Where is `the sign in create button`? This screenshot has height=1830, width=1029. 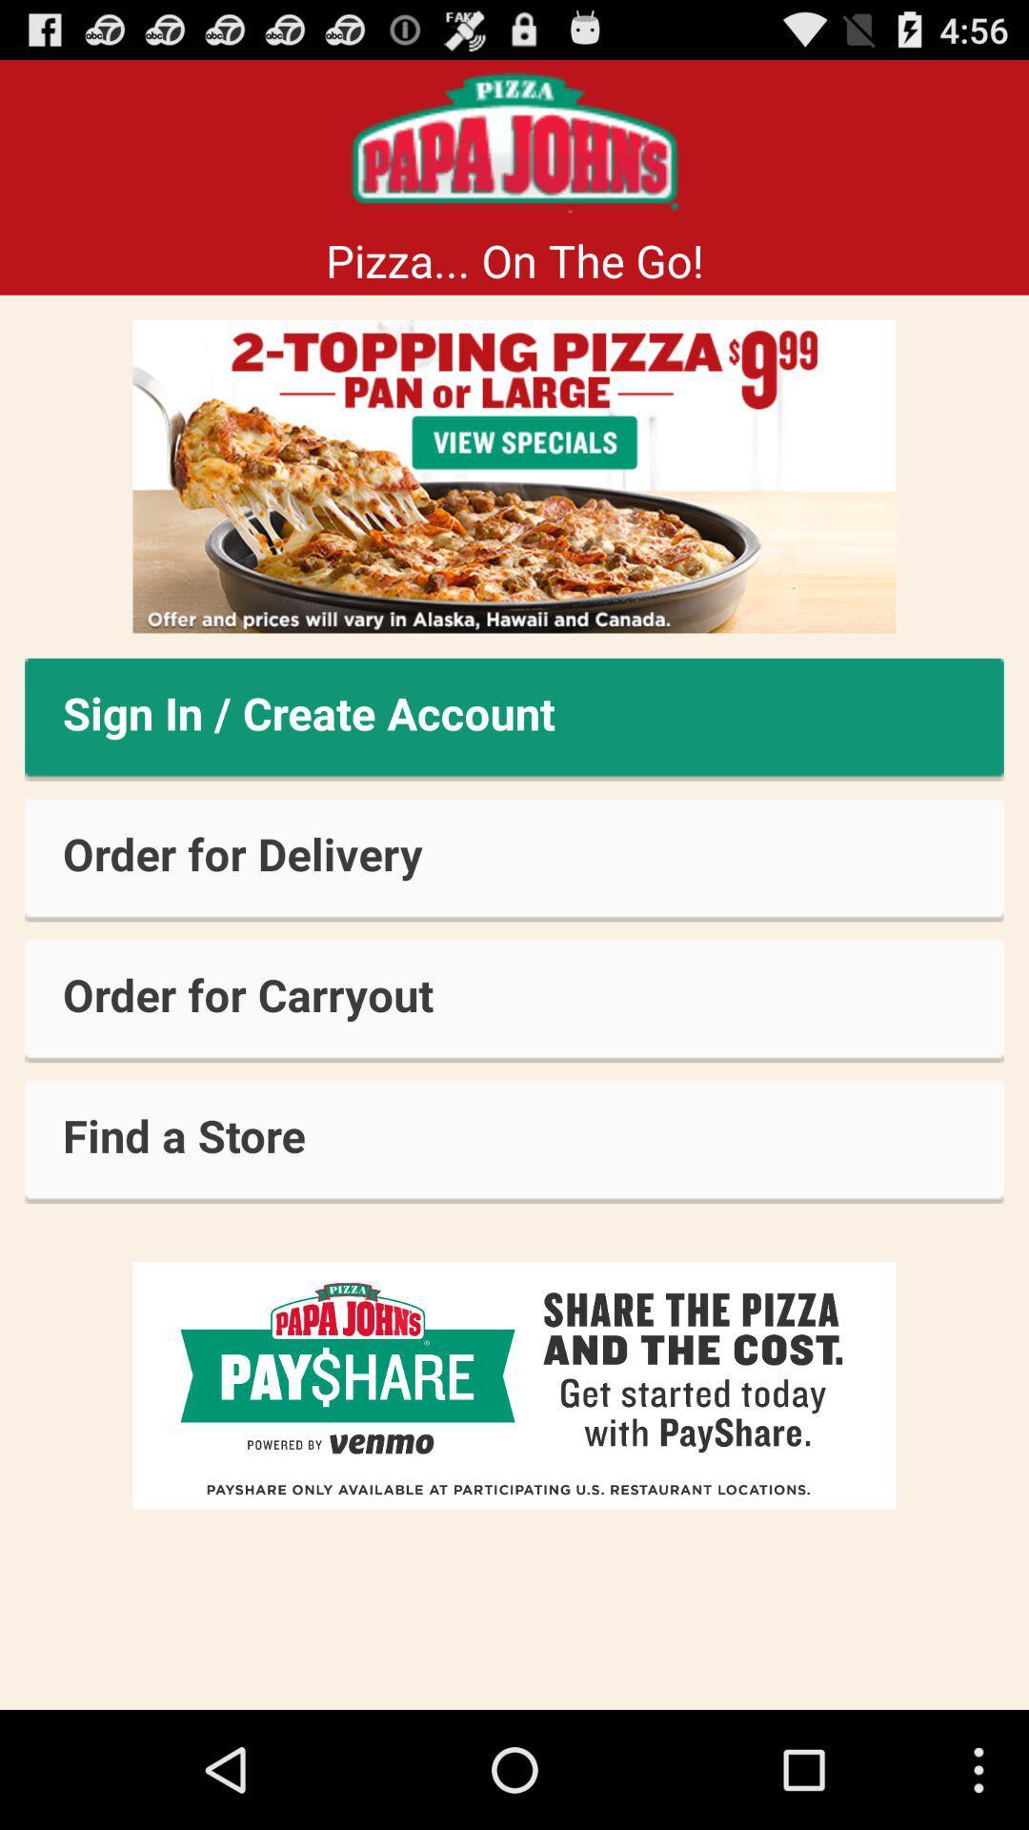 the sign in create button is located at coordinates (514, 719).